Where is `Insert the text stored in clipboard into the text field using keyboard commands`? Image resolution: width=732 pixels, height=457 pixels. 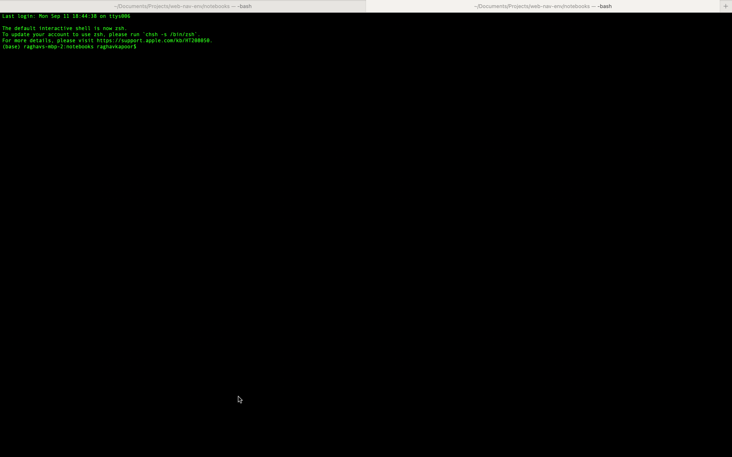
Insert the text stored in clipboard into the text field using keyboard commands is located at coordinates (434, 46).